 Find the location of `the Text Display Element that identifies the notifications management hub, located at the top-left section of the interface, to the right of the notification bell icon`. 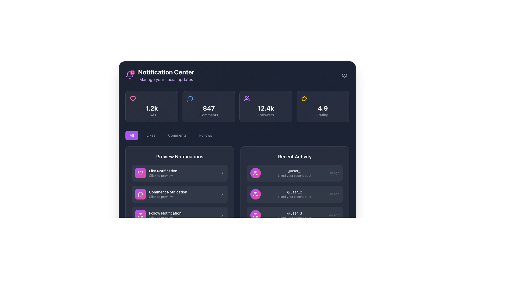

the Text Display Element that identifies the notifications management hub, located at the top-left section of the interface, to the right of the notification bell icon is located at coordinates (166, 75).